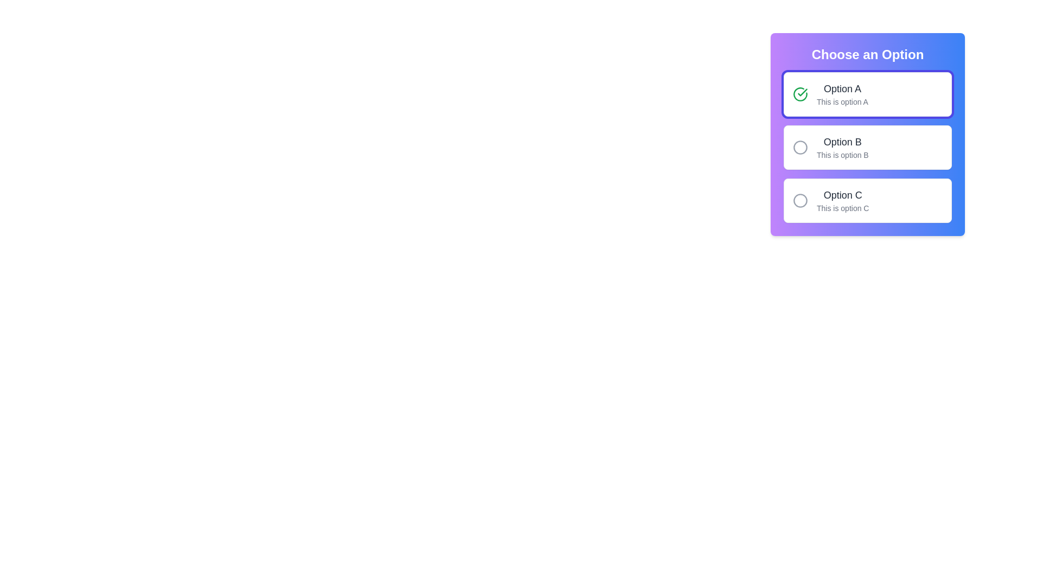  Describe the element at coordinates (842, 102) in the screenshot. I see `the text label that serves as a description for 'Option A', located underneath the 'Option A' choice in the vertical layout` at that location.